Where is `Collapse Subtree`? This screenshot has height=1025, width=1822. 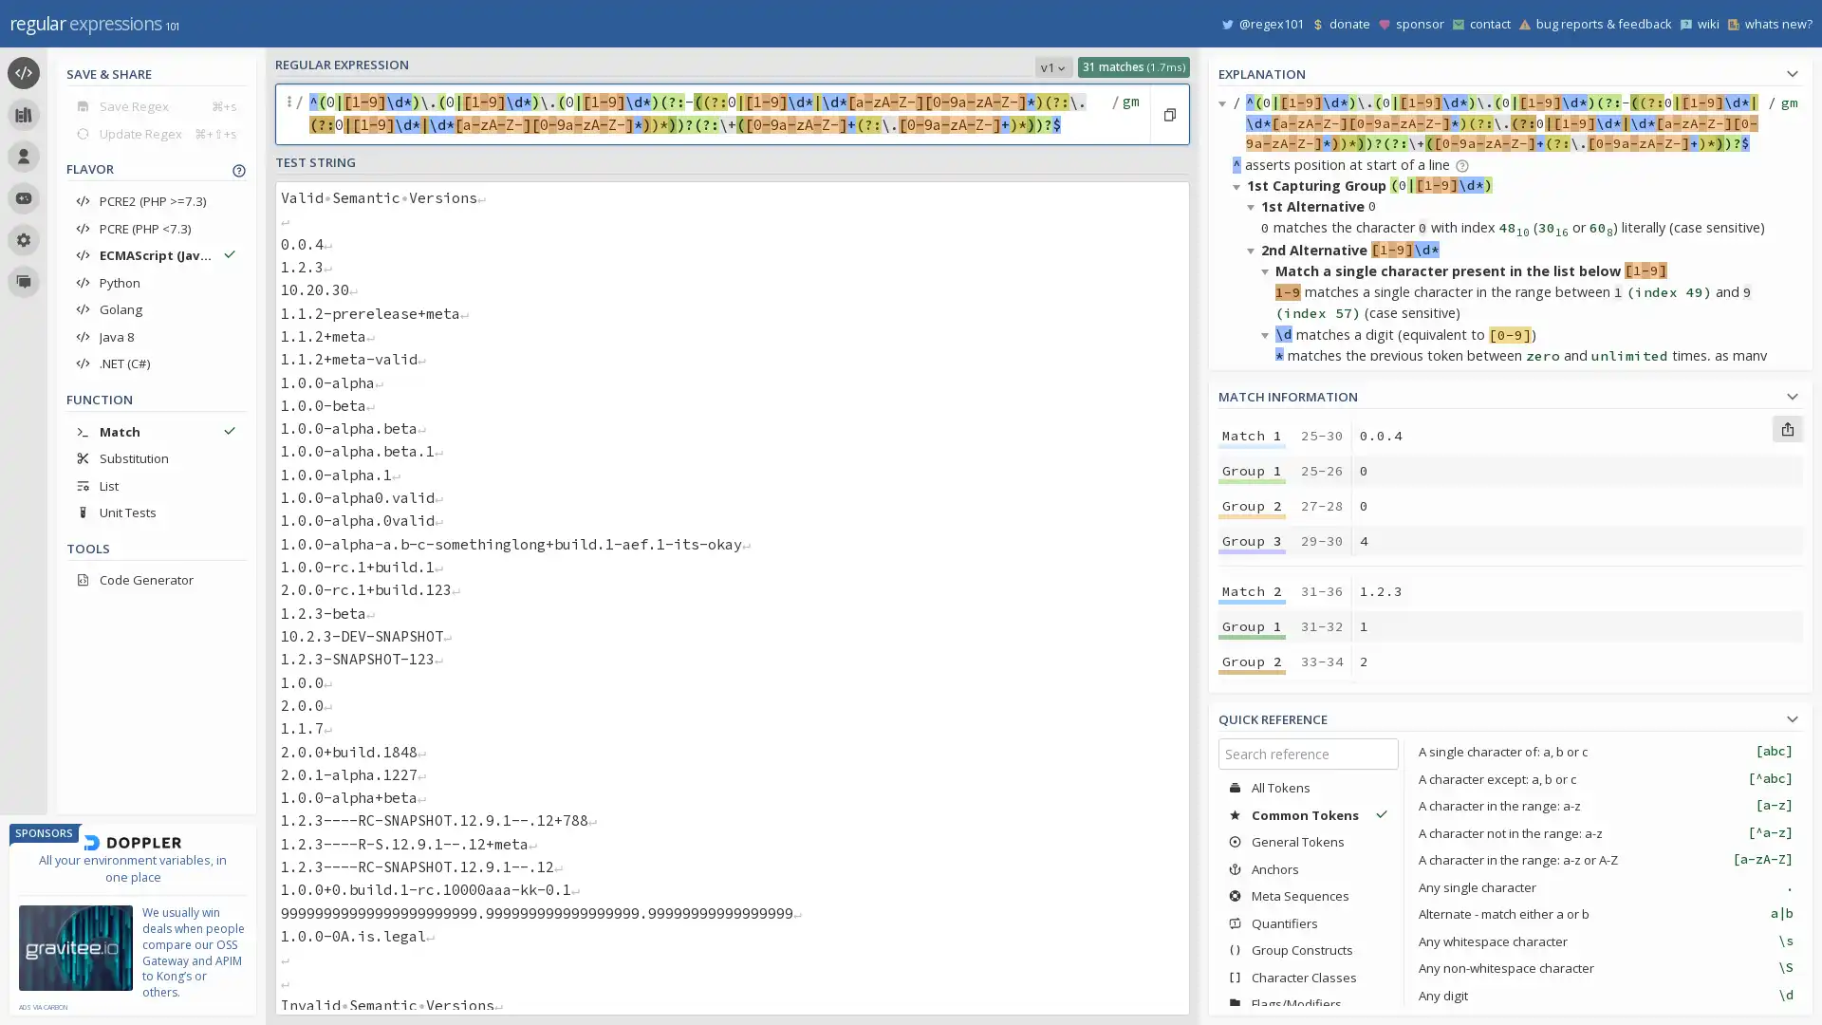
Collapse Subtree is located at coordinates (1268, 569).